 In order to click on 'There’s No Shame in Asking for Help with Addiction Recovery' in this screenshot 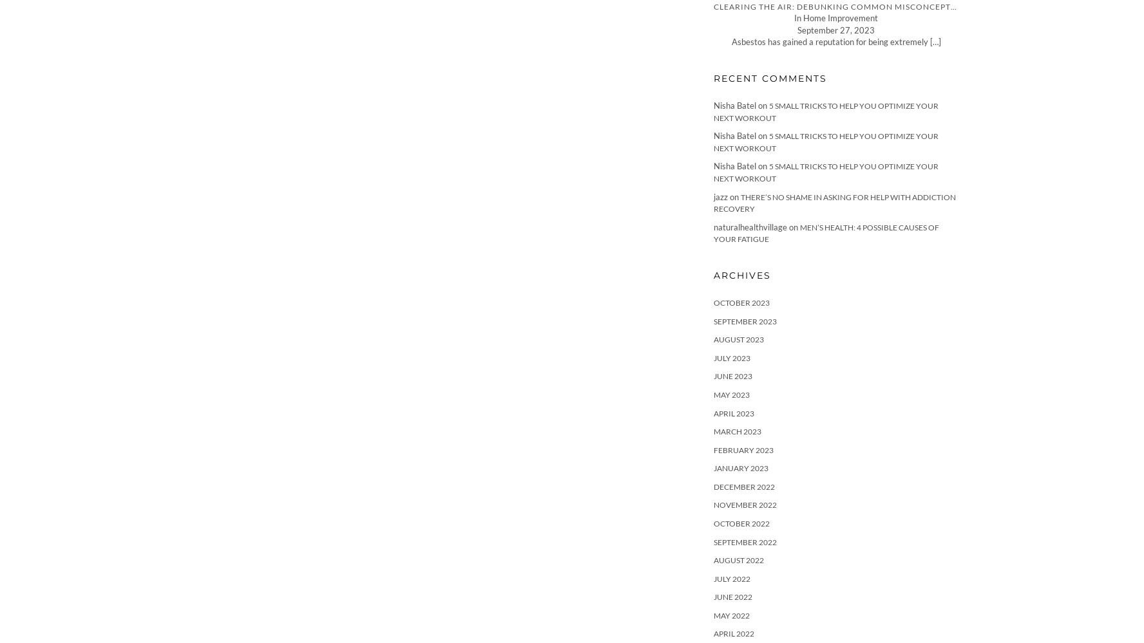, I will do `click(834, 201)`.